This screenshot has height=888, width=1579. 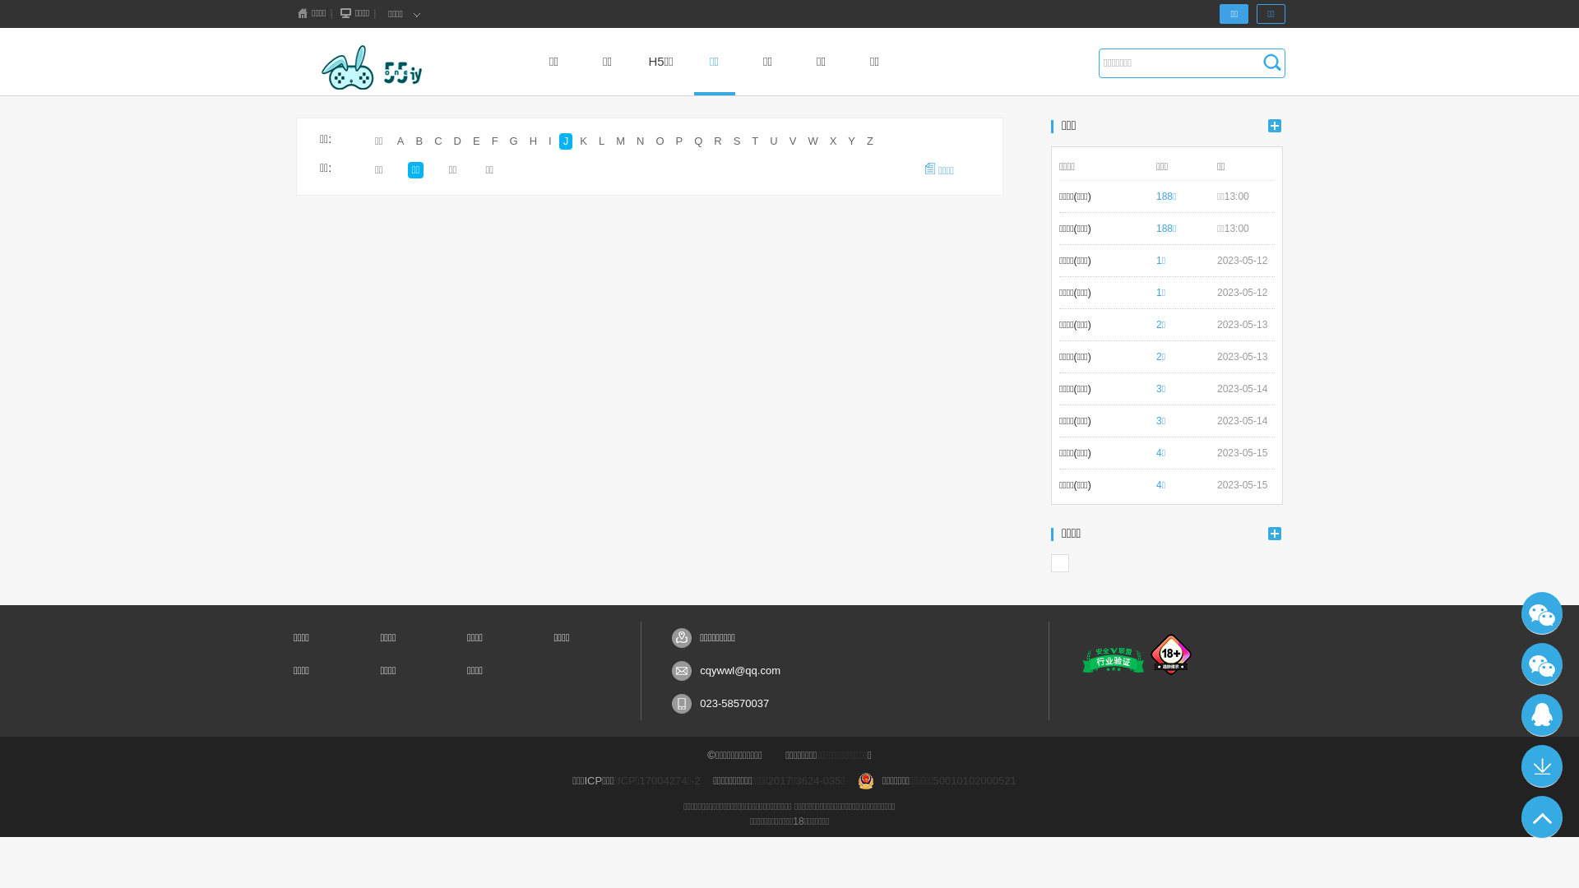 I want to click on 'H', so click(x=524, y=141).